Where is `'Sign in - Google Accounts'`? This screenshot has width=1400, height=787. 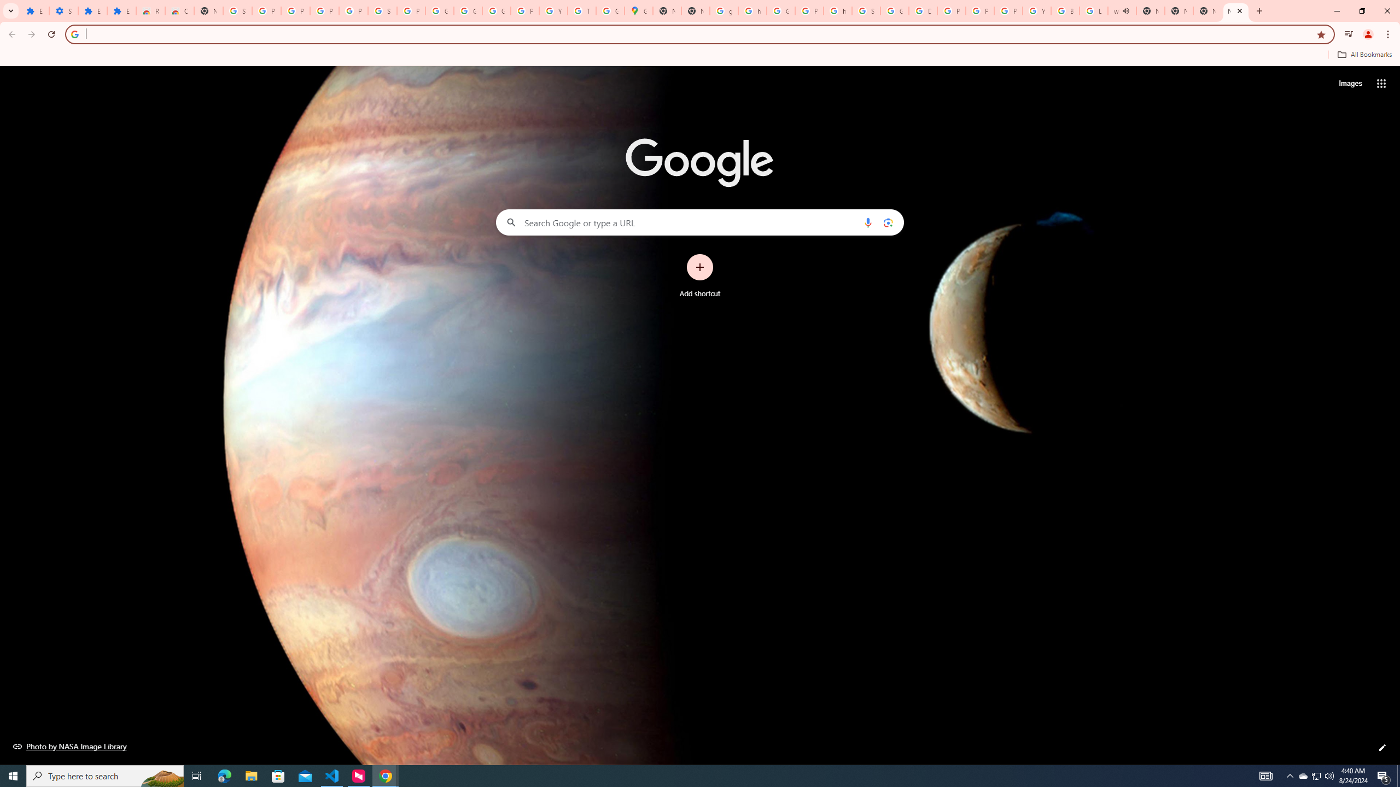
'Sign in - Google Accounts' is located at coordinates (238, 10).